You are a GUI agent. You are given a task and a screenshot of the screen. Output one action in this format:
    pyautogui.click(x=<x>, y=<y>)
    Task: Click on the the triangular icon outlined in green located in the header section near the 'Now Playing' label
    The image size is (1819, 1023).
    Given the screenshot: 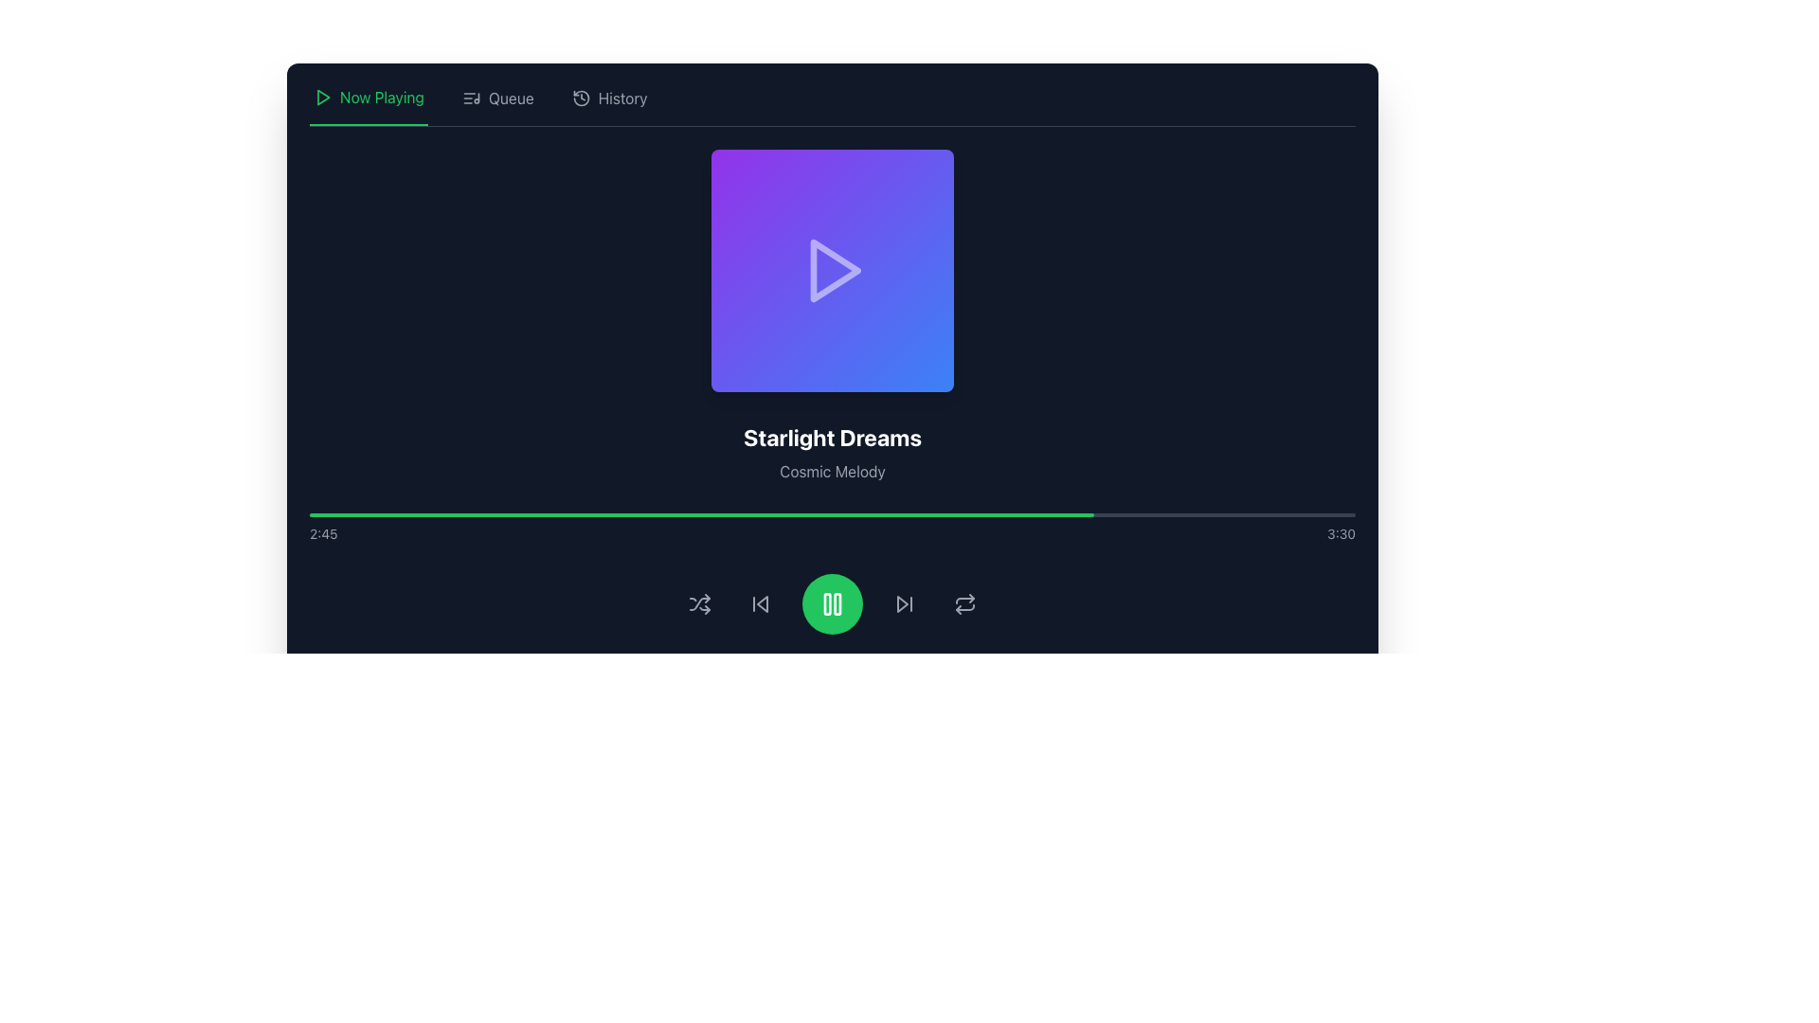 What is the action you would take?
    pyautogui.click(x=323, y=98)
    